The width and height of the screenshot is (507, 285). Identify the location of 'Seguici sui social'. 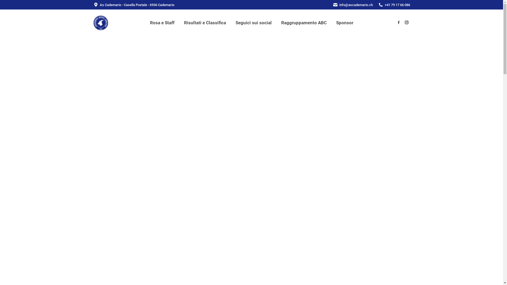
(253, 22).